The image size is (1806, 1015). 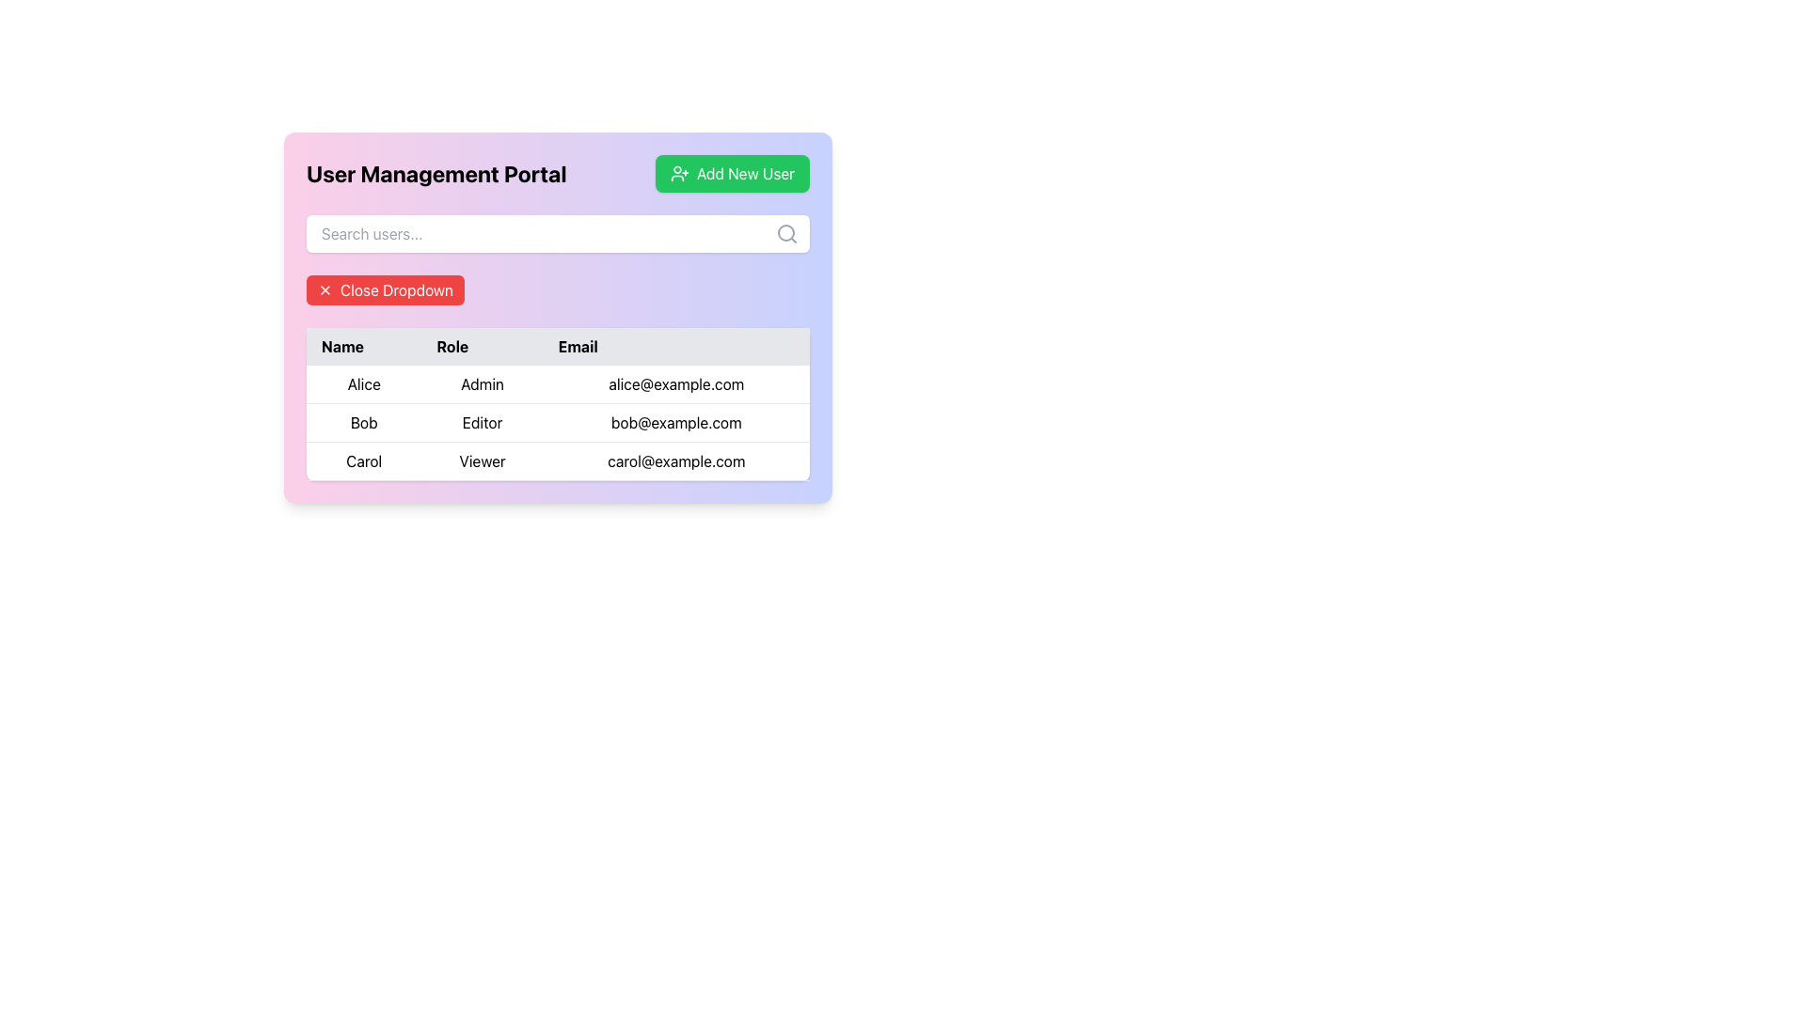 What do you see at coordinates (483, 383) in the screenshot?
I see `text of the table cell displaying 'Admin' in the first row under the 'Role' column, located between 'Alice' and 'alice@example.com'` at bounding box center [483, 383].